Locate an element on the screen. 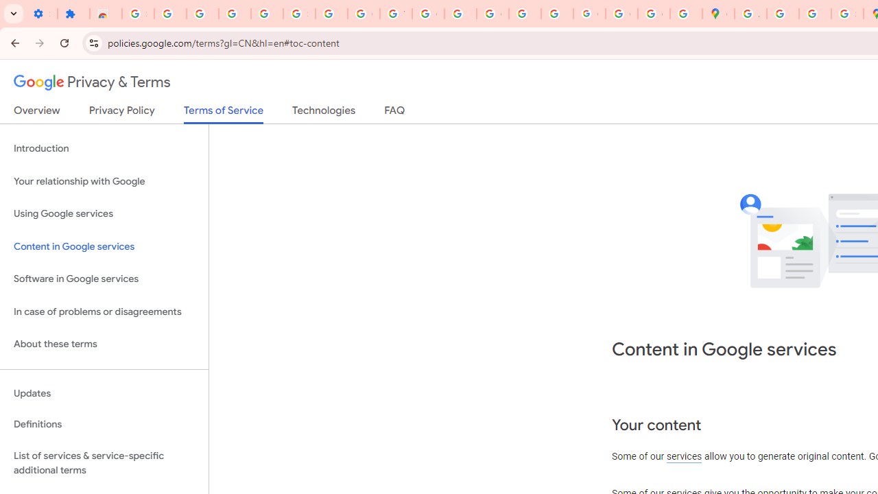  'https://scholar.google.com/' is located at coordinates (460, 14).